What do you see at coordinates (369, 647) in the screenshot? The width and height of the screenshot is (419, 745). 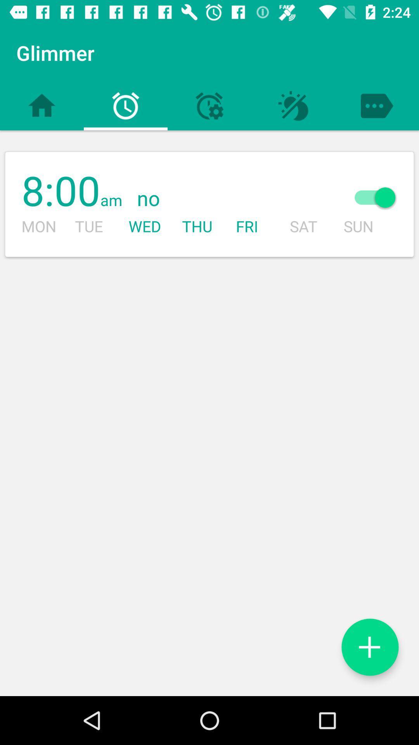 I see `the add icon` at bounding box center [369, 647].